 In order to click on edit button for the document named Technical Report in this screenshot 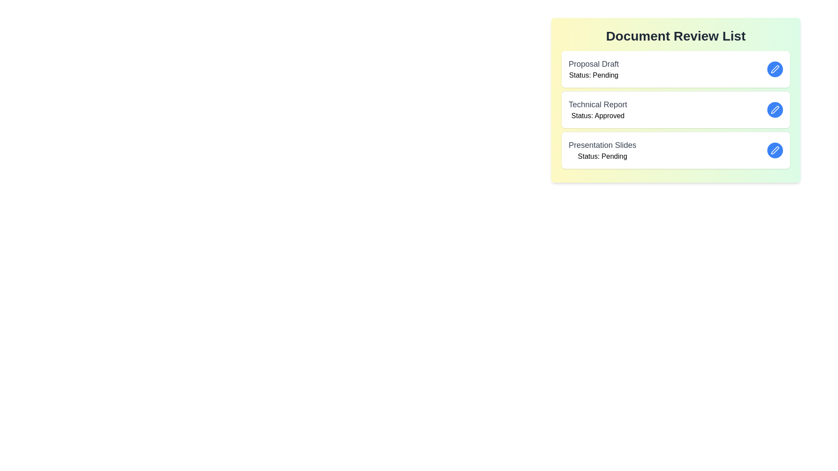, I will do `click(775, 109)`.